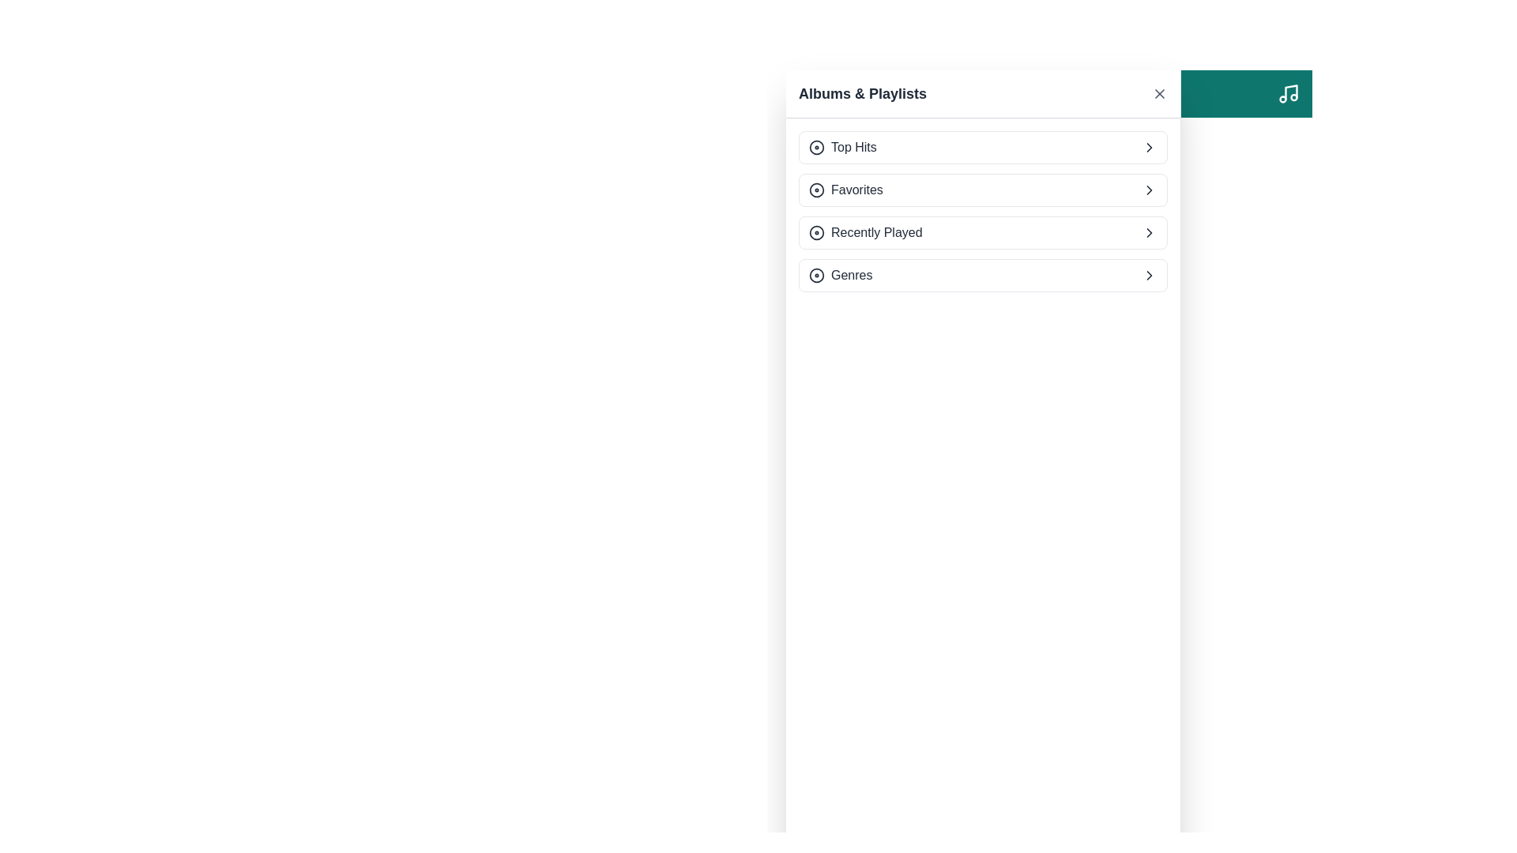  Describe the element at coordinates (1149, 274) in the screenshot. I see `the fourth right-chevron icon in the vertical list aligned with the 'Genres' label` at that location.